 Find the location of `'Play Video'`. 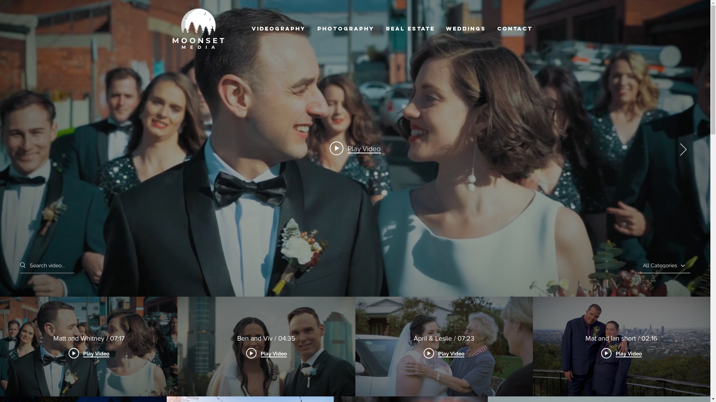

'Play Video' is located at coordinates (355, 148).